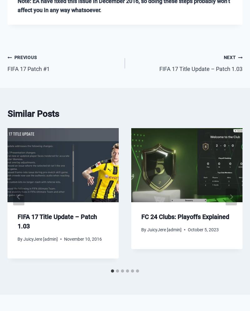 This screenshot has height=311, width=250. I want to click on 'FC 24 Clubs: Playoffs Explained', so click(185, 217).